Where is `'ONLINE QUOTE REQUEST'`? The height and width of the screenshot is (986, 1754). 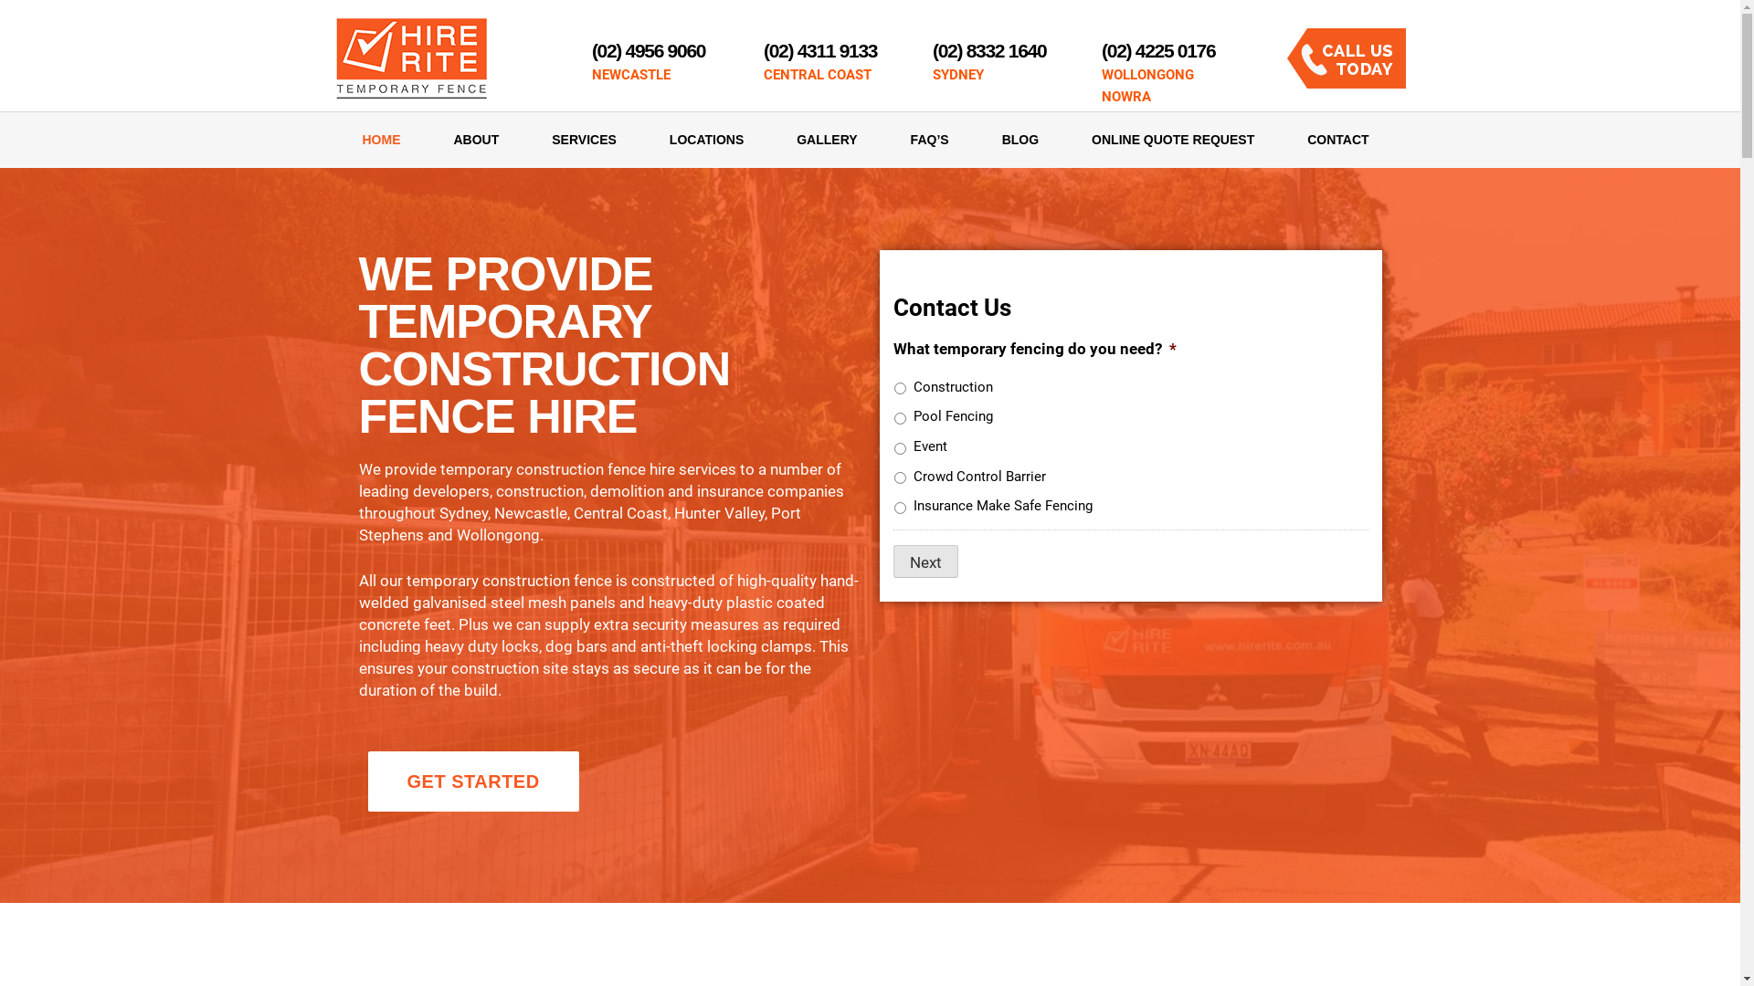
'ONLINE QUOTE REQUEST' is located at coordinates (1172, 139).